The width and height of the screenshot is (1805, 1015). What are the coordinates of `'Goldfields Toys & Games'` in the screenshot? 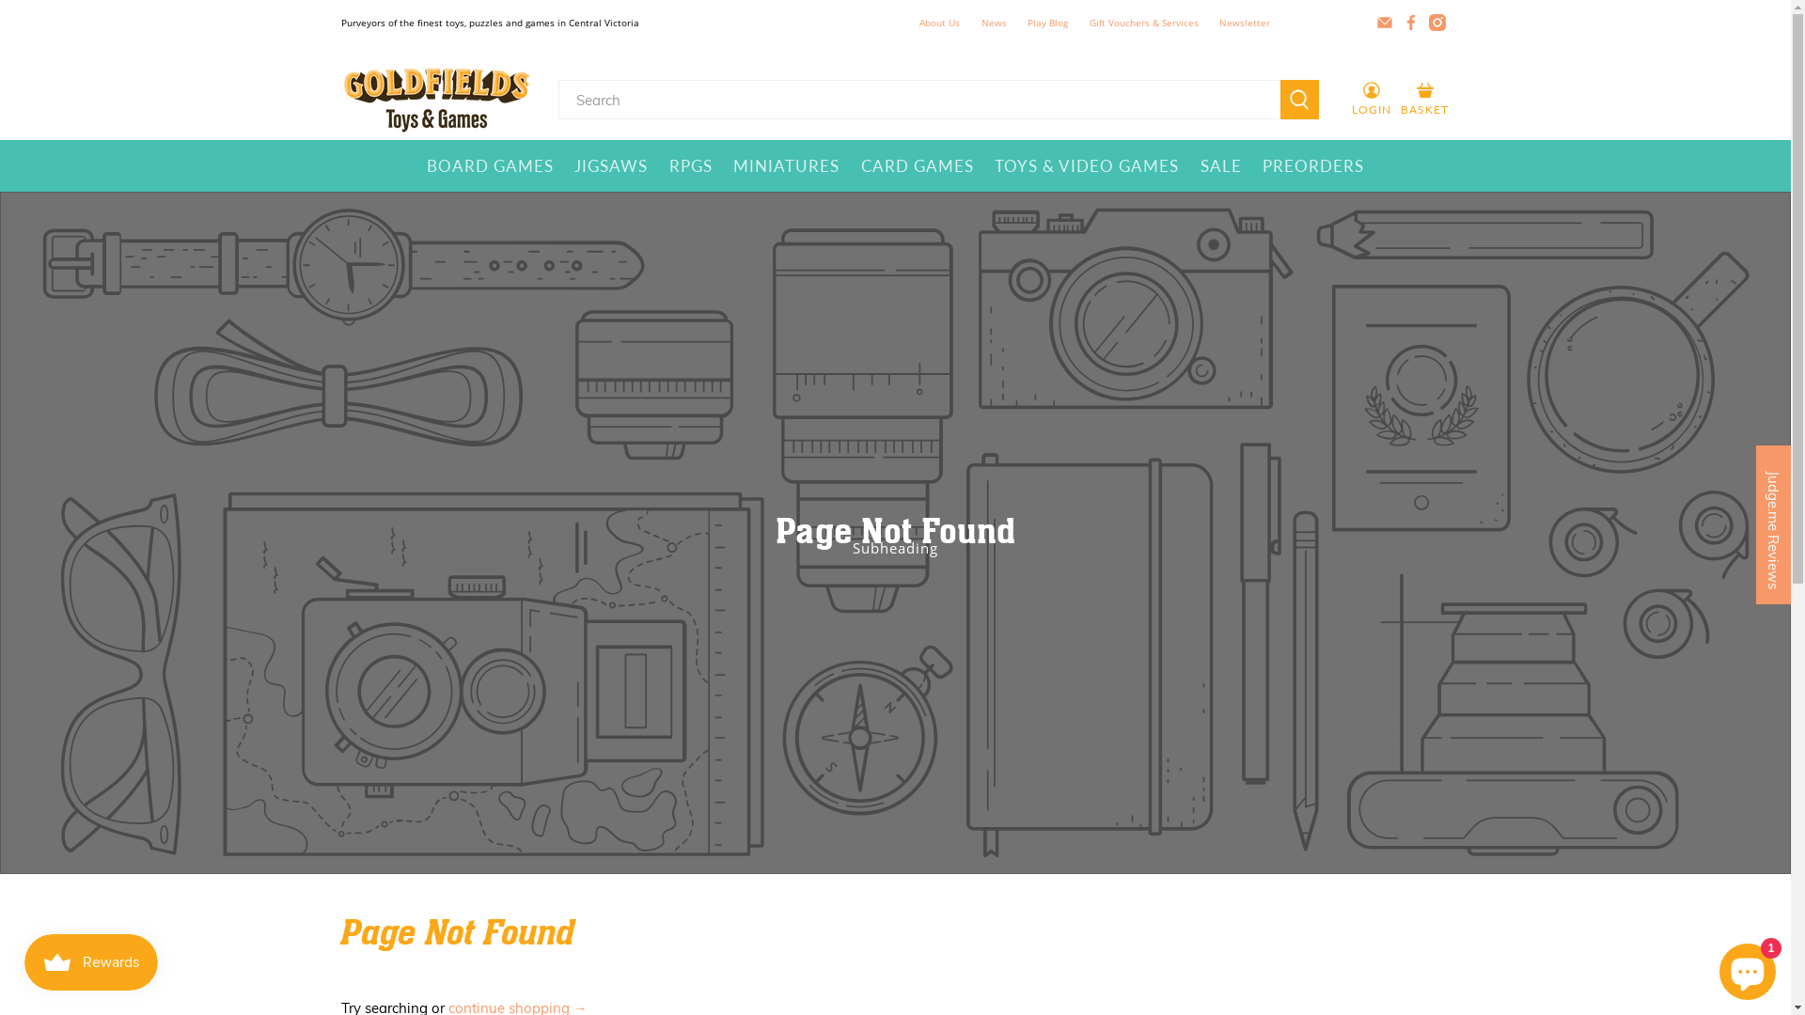 It's located at (435, 99).